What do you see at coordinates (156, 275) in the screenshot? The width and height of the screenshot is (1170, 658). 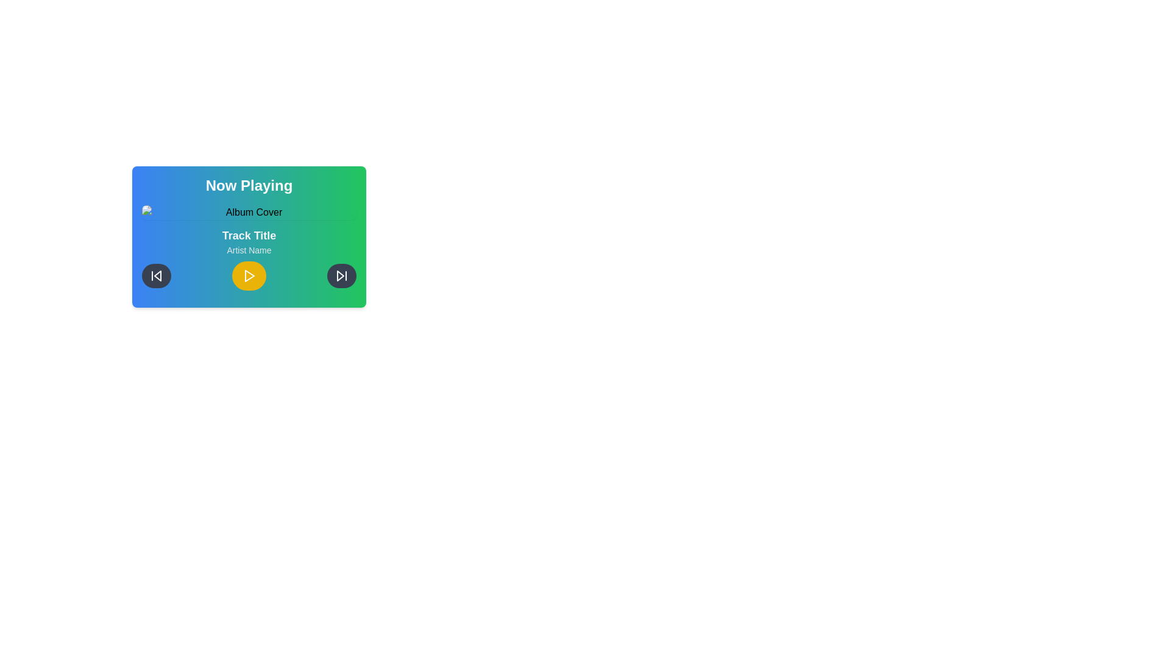 I see `the rewind button located on the bottom-left side of the music player interface` at bounding box center [156, 275].